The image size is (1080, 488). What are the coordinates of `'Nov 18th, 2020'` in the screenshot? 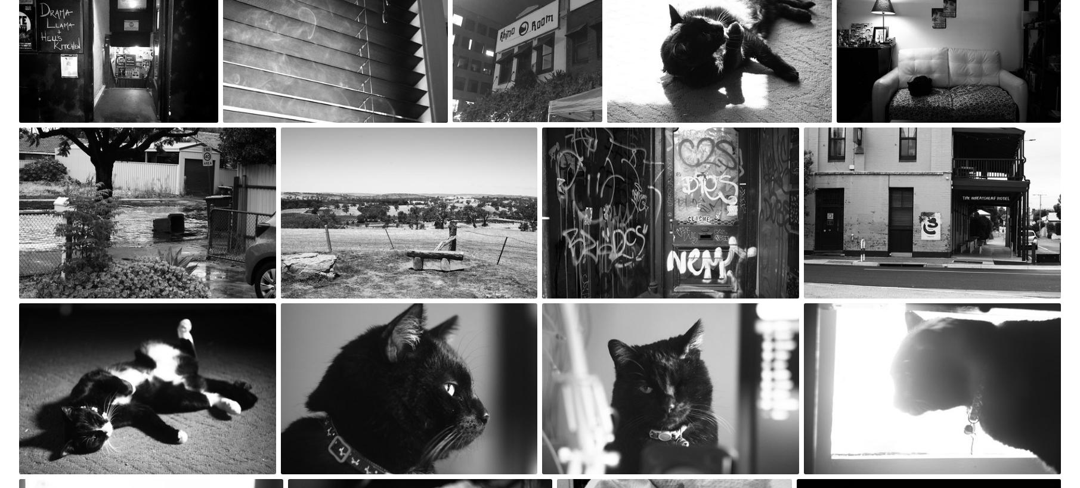 It's located at (546, 311).